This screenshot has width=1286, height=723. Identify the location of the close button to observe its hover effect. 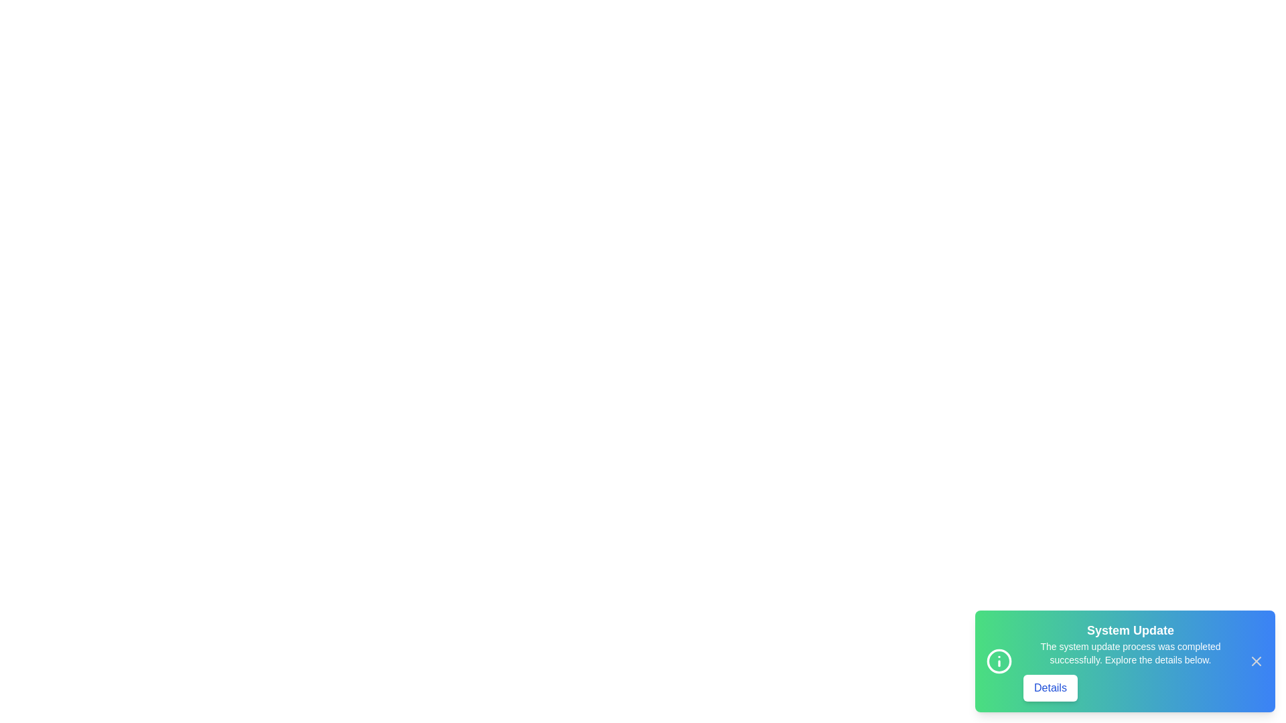
(1256, 660).